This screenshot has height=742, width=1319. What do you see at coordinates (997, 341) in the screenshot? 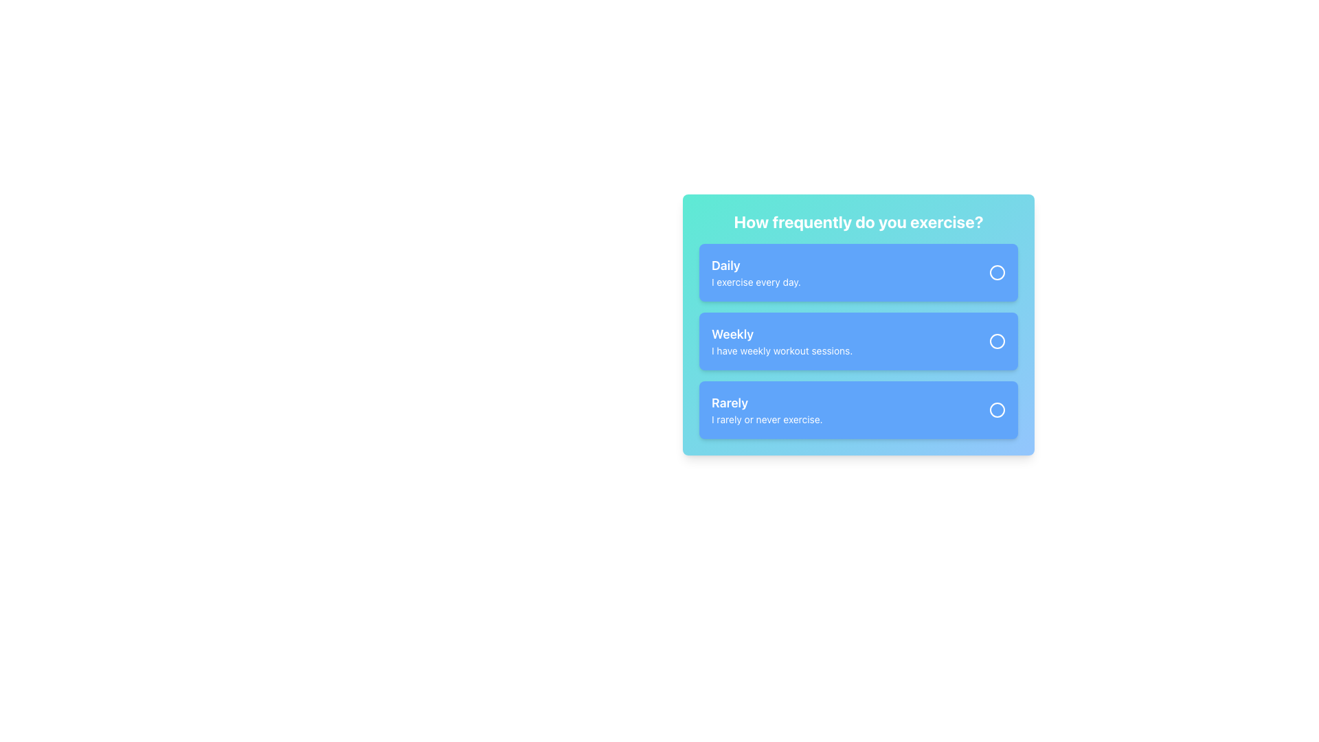
I see `the radio button for the 'Weekly' option` at bounding box center [997, 341].